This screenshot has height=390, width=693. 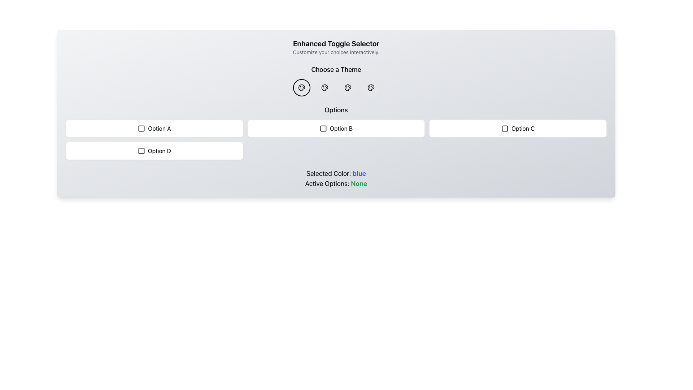 What do you see at coordinates (154, 150) in the screenshot?
I see `the checkbox labeled 'Option D' using keyboard navigation` at bounding box center [154, 150].